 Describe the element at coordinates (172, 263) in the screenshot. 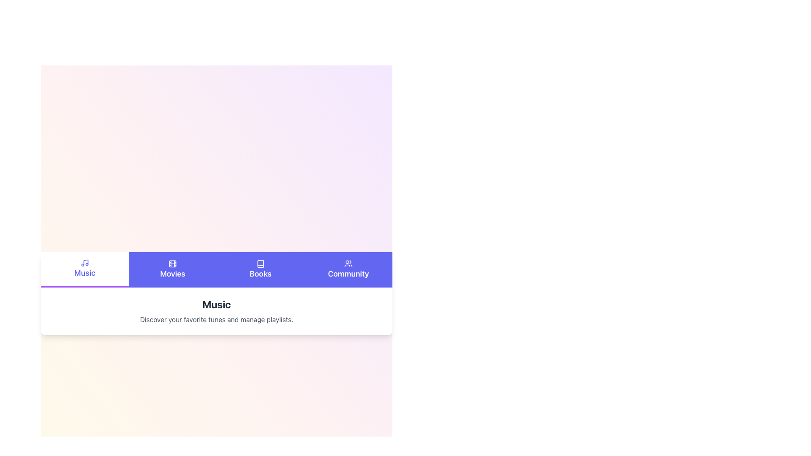

I see `the 'Movies' icon (SVG) located in the horizontal navigation bar above the 'Movies' text, centered between the 'Music' and 'Books' sections` at that location.